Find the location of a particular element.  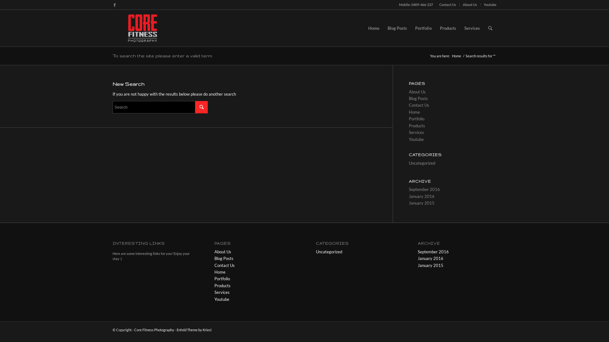

'Enfold Theme by Kriesi' is located at coordinates (193, 329).